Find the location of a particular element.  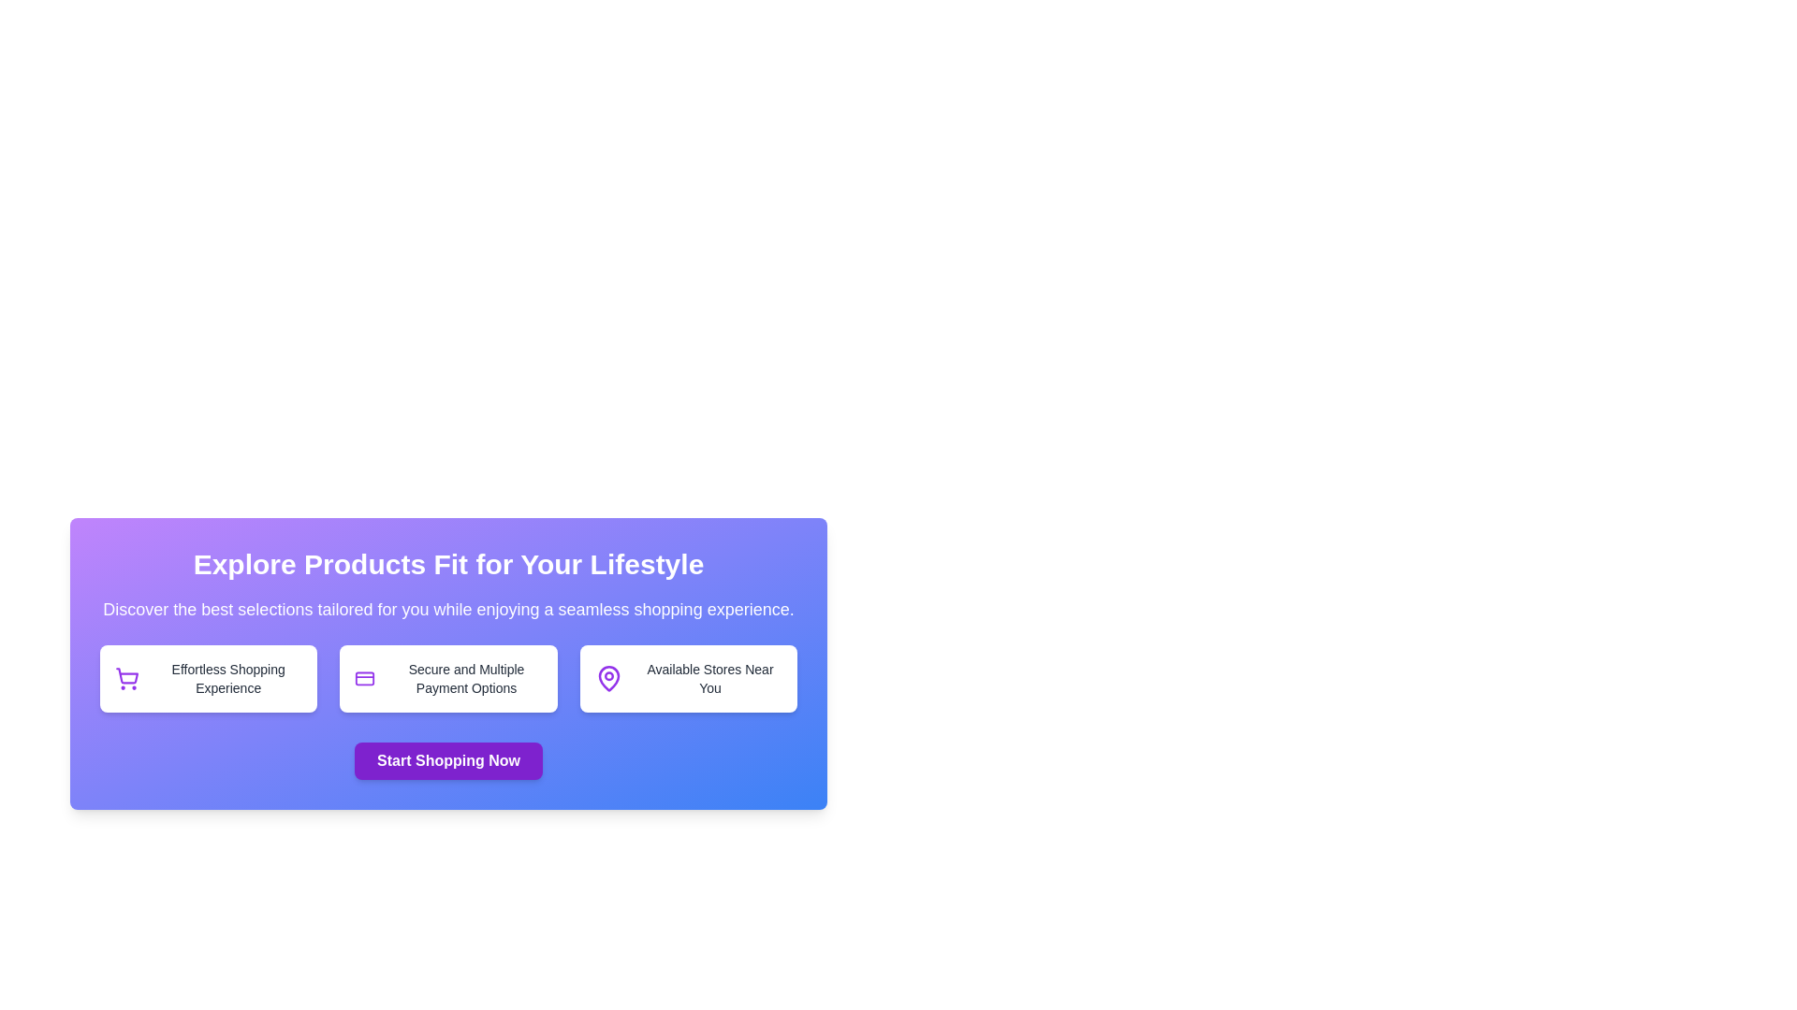

the credit card icon styled in purple, located within the 'Secure and Multiple Payment Options' box, positioned between the 'Effortless Shopping Experience' and 'Available Stores Near You' icons is located at coordinates (365, 678).